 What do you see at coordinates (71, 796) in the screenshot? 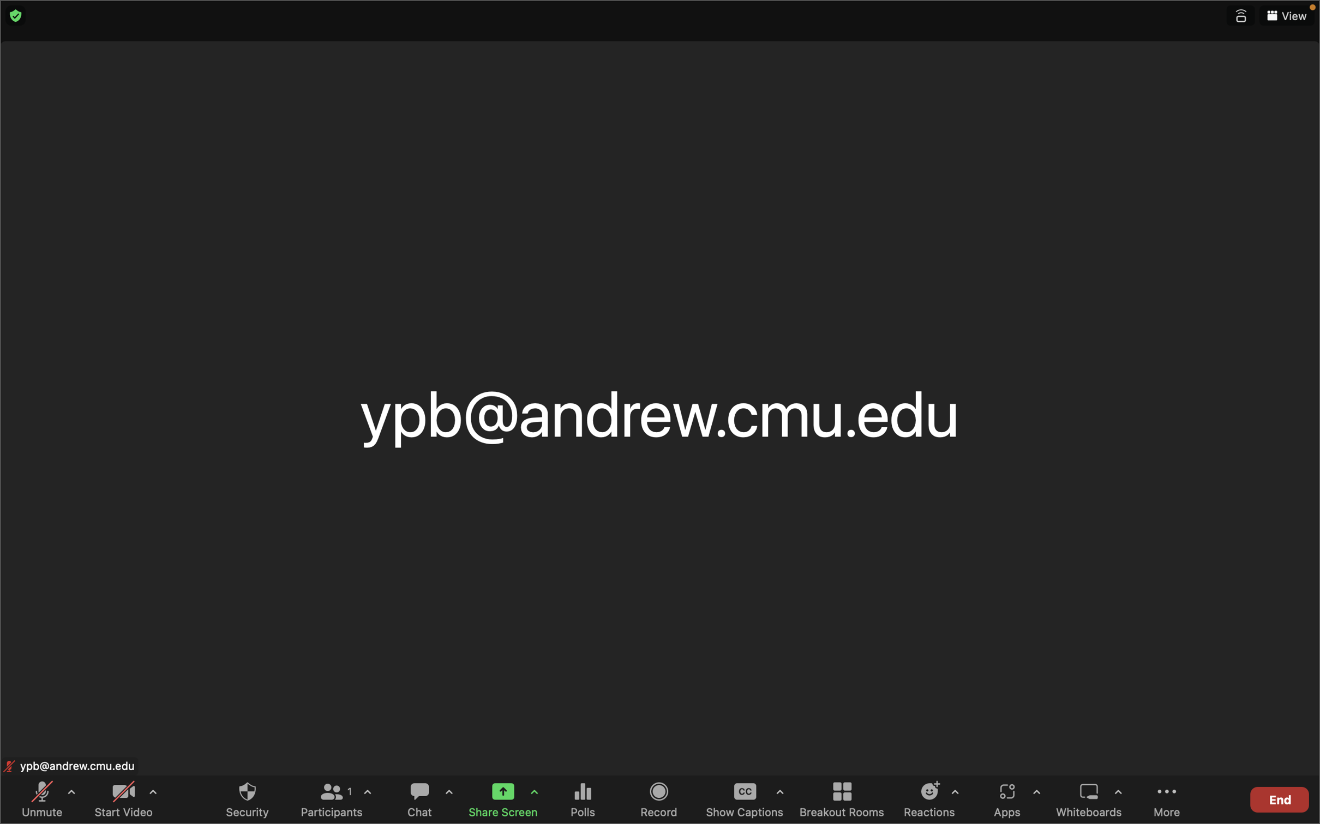
I see `the audio options` at bounding box center [71, 796].